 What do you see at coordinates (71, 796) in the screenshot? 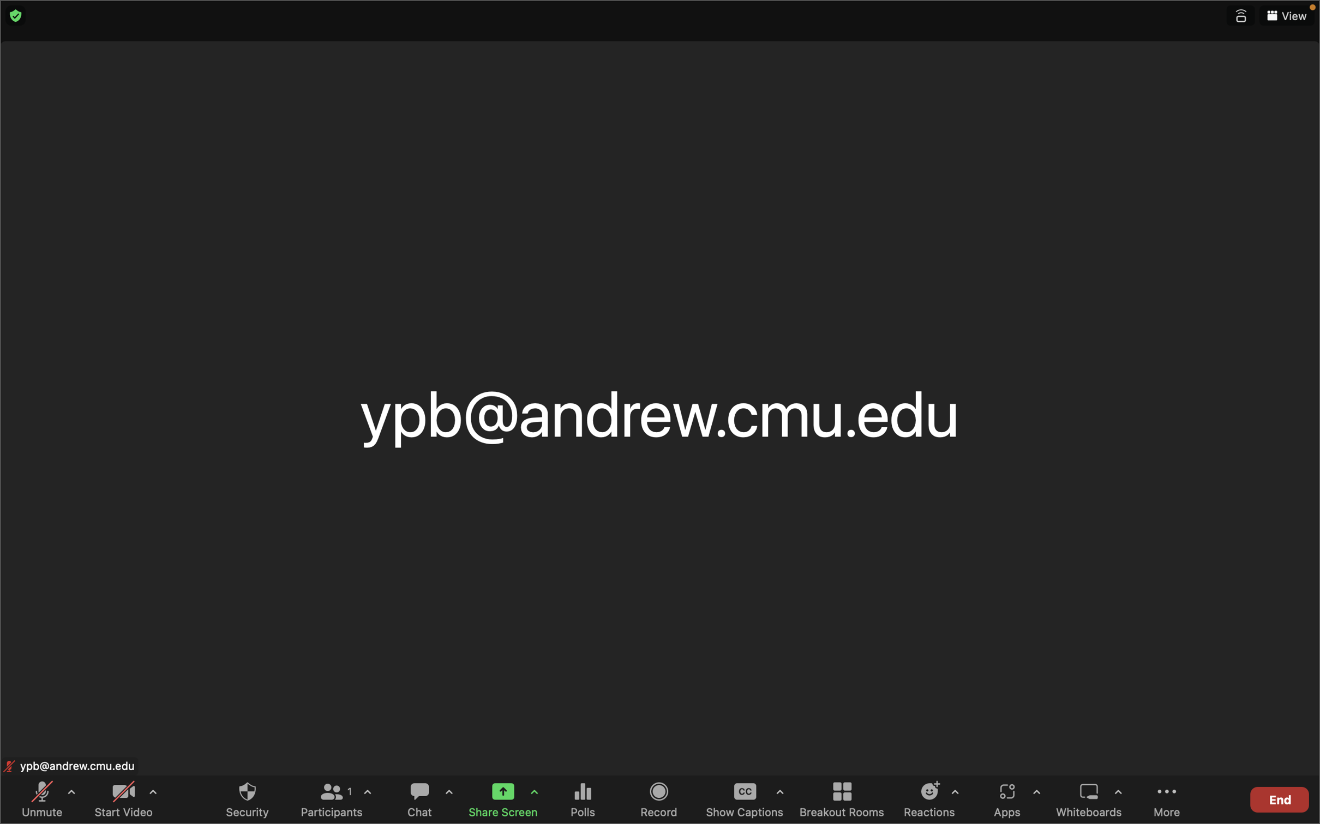
I see `the audio options` at bounding box center [71, 796].